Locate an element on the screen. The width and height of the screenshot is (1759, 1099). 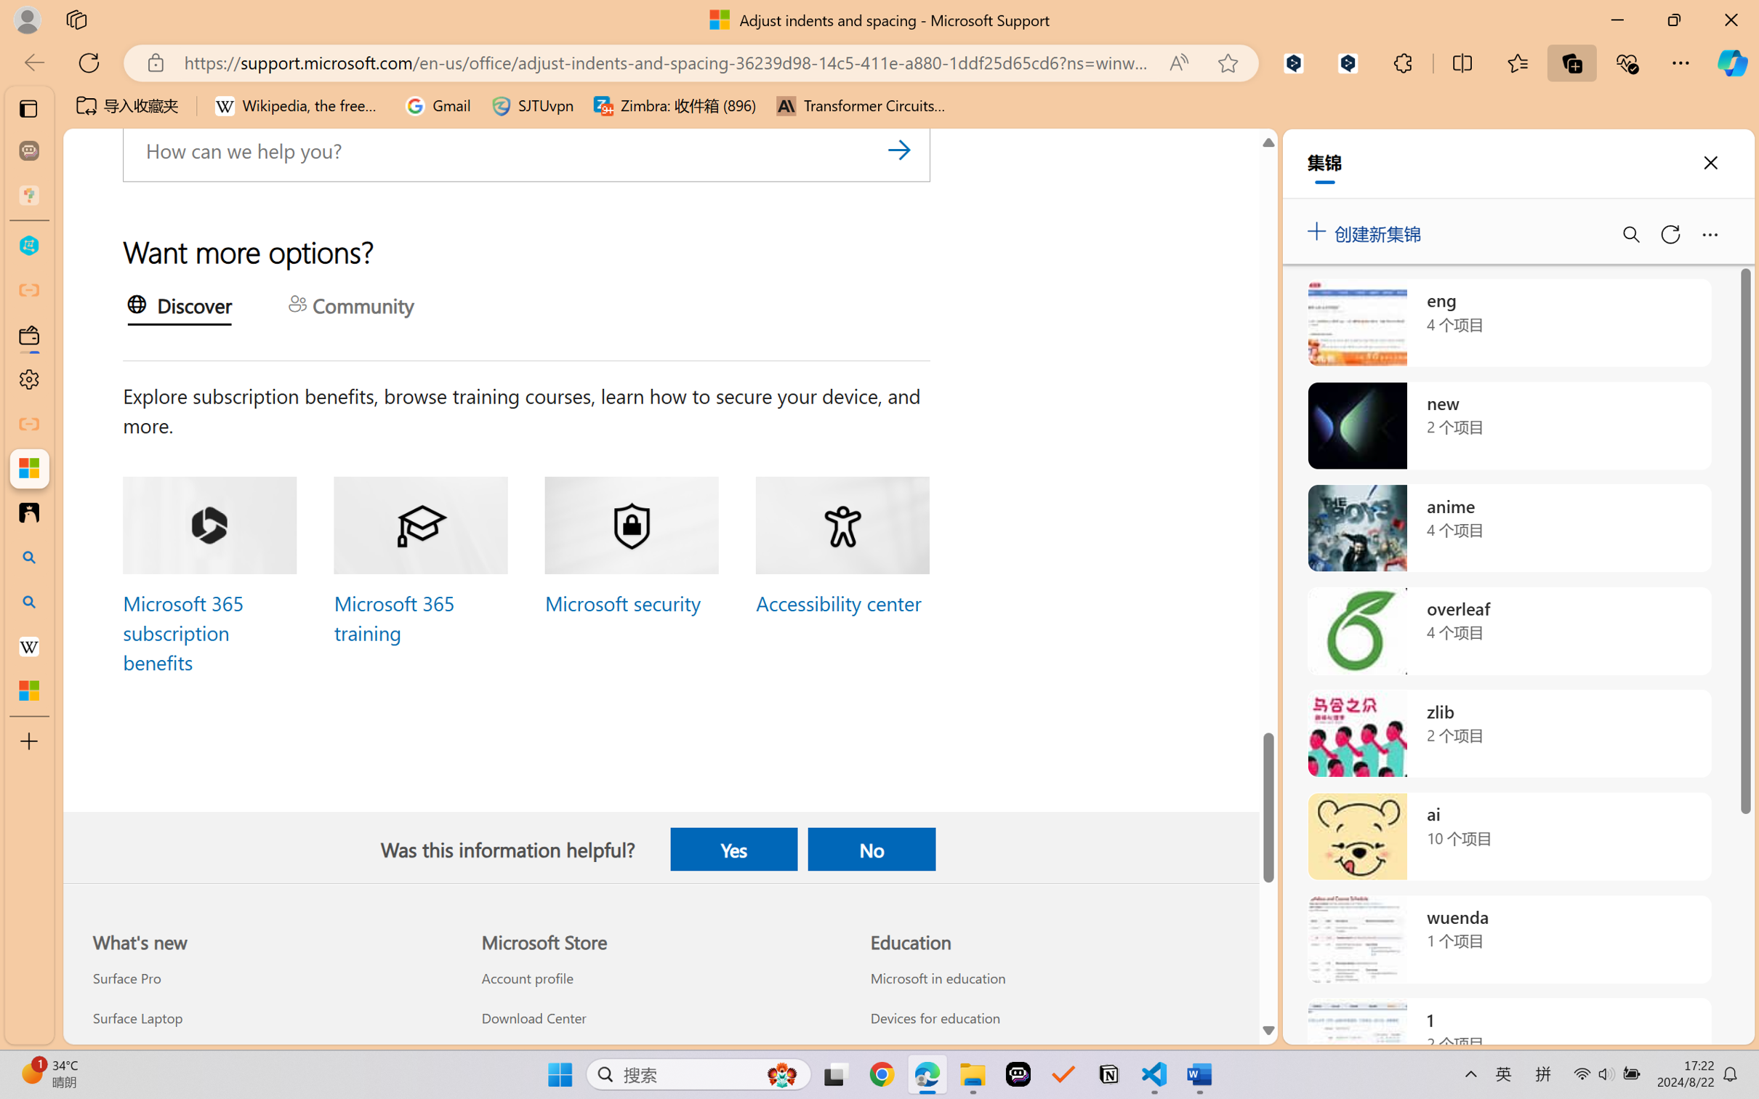
'Devices for education Education' is located at coordinates (934, 1017).